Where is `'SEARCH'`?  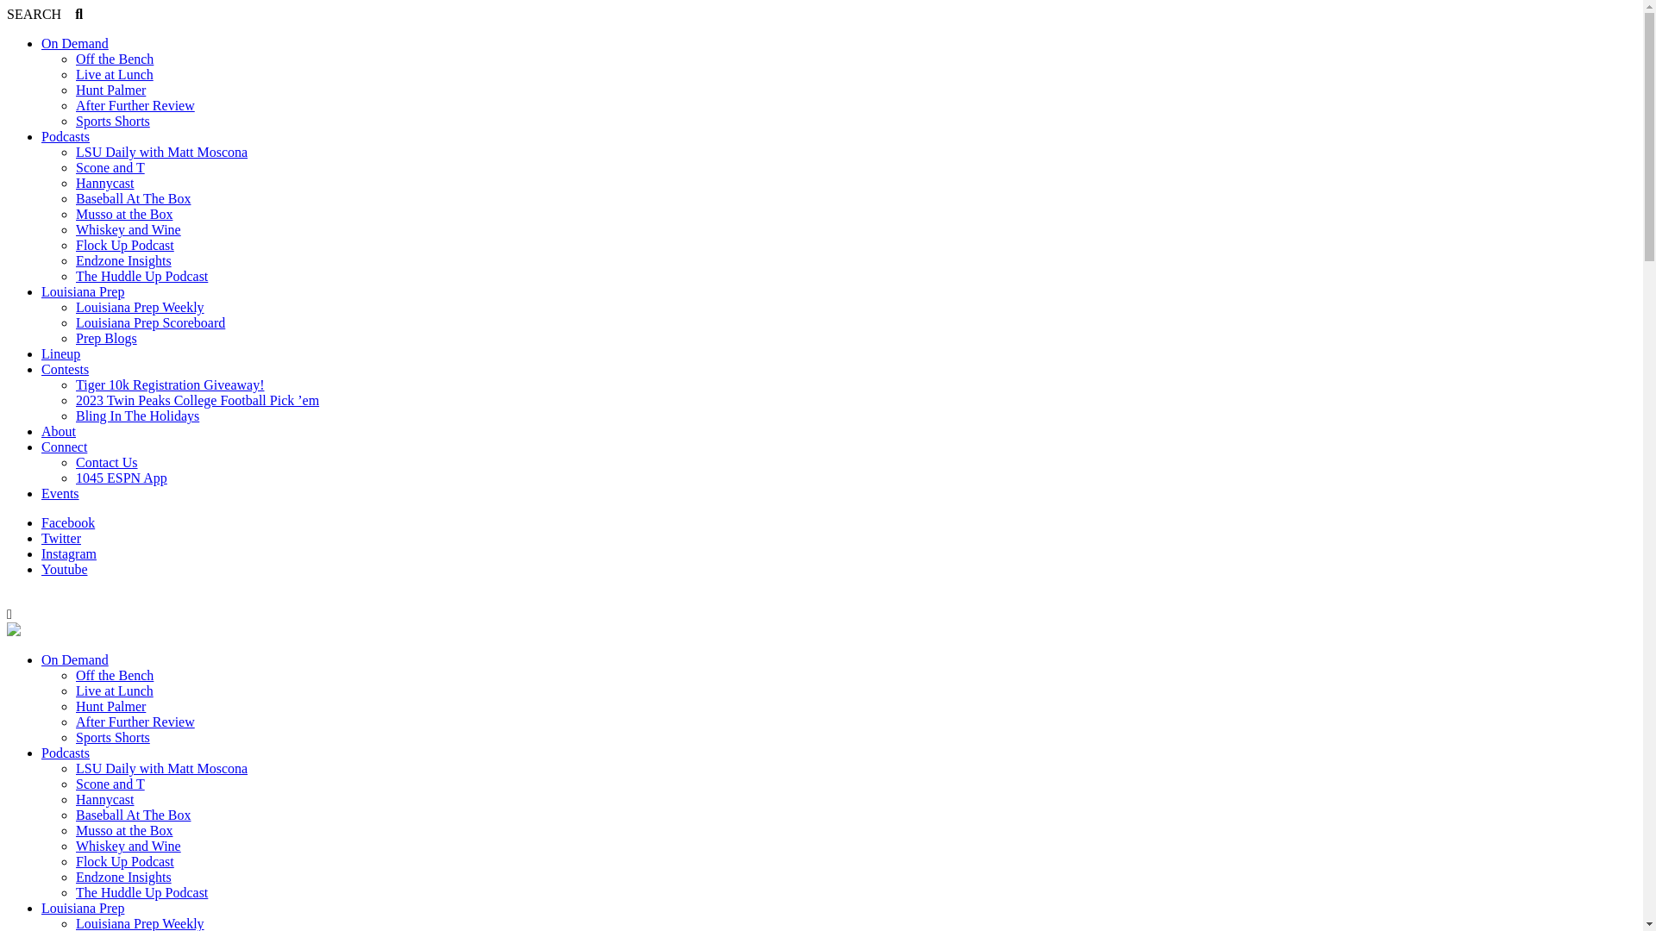
'SEARCH' is located at coordinates (45, 14).